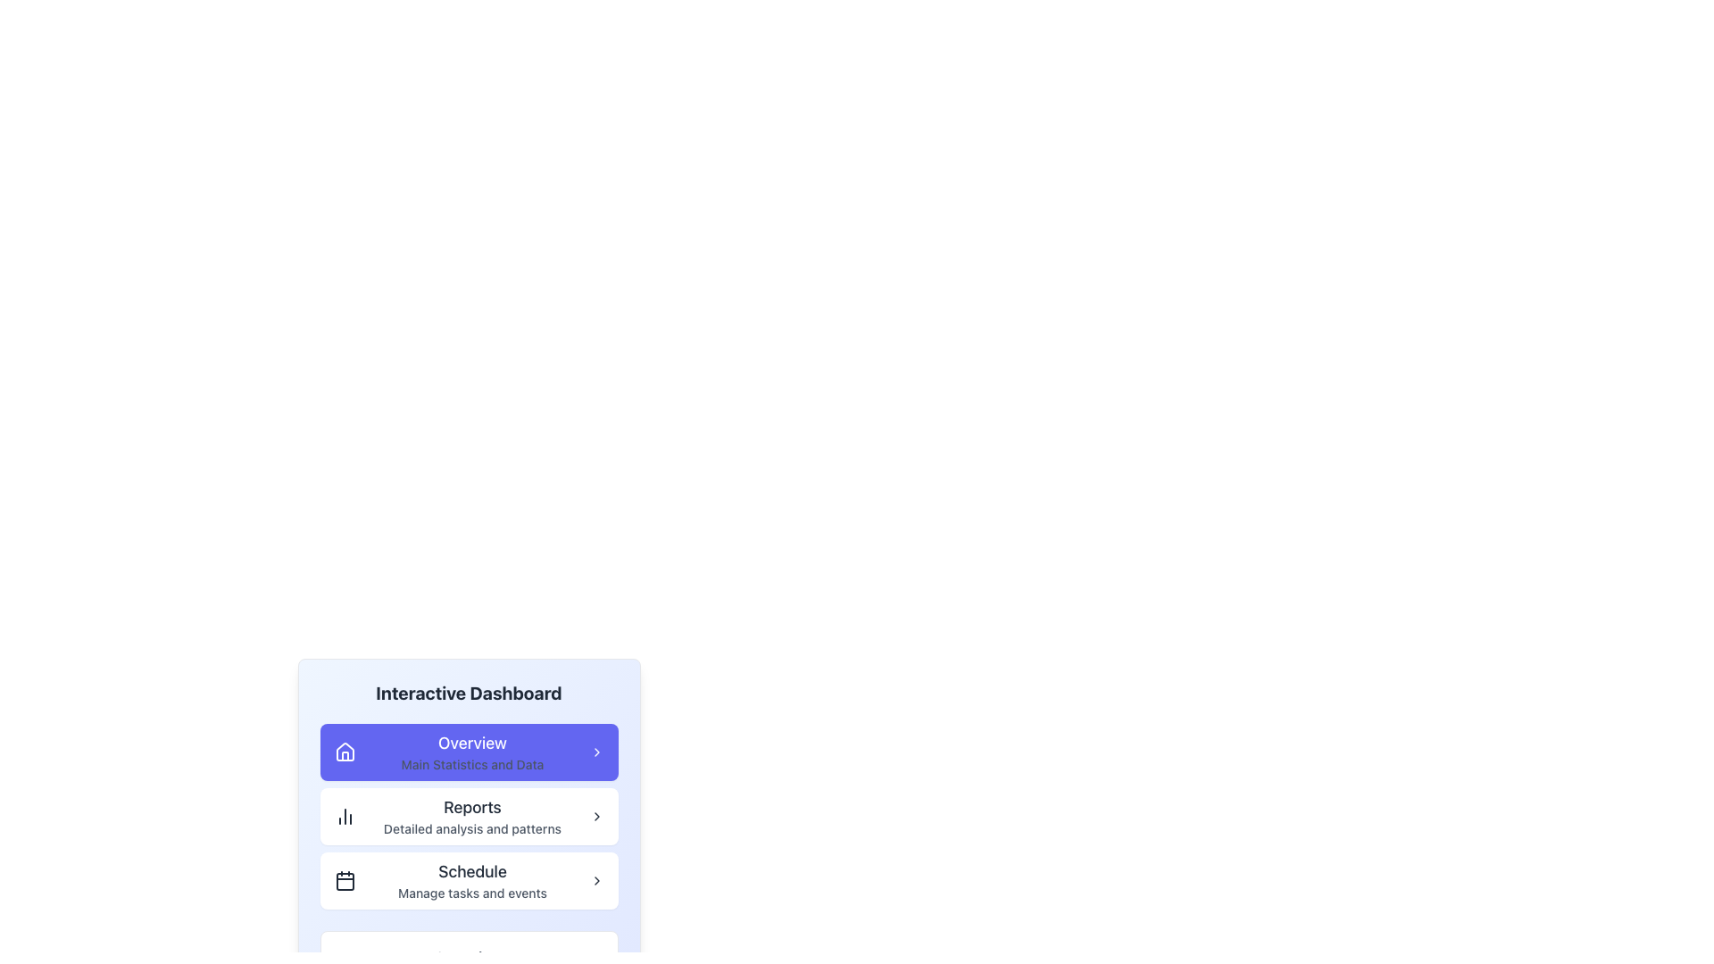 Image resolution: width=1714 pixels, height=964 pixels. Describe the element at coordinates (596, 880) in the screenshot. I see `the arrow icon located at the far-right edge of the 'Schedule' UI card` at that location.